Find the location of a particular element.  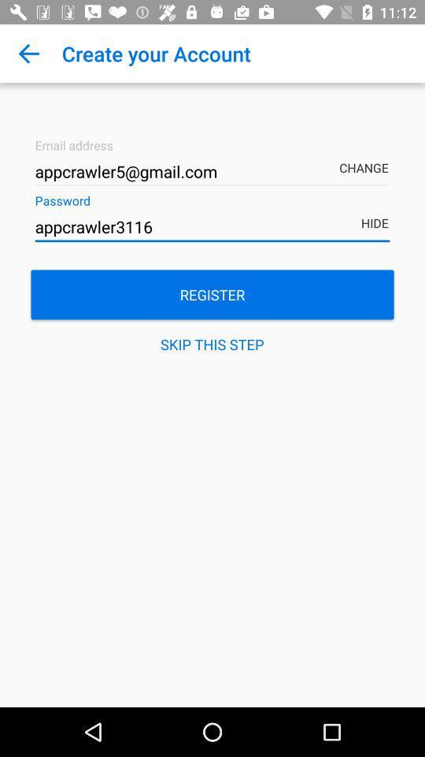

the skip this step icon is located at coordinates (212, 344).